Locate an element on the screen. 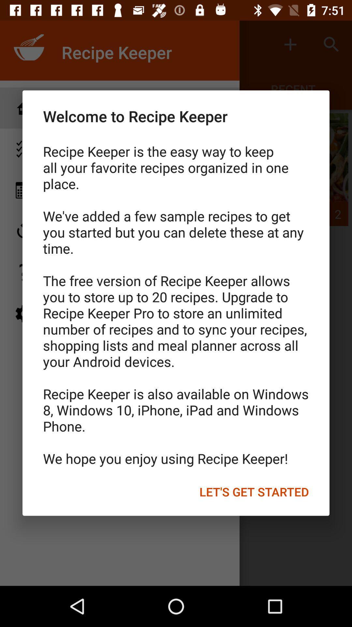 The height and width of the screenshot is (627, 352). icon below the recipe keeper is icon is located at coordinates (254, 492).